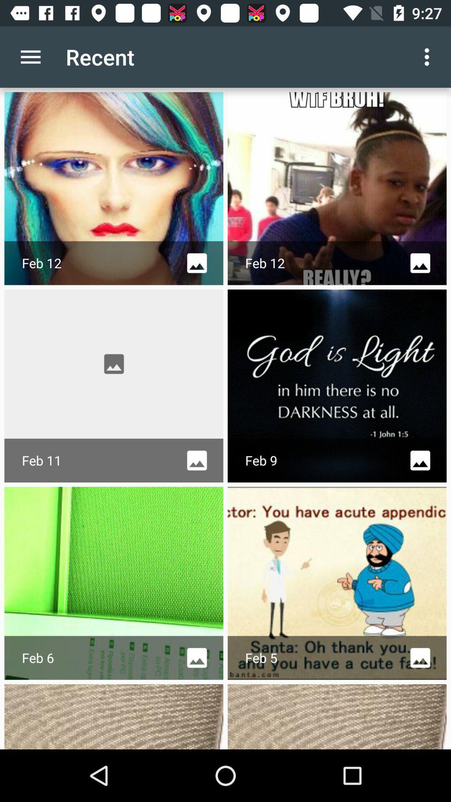 This screenshot has width=451, height=802. What do you see at coordinates (429, 56) in the screenshot?
I see `app next to recent item` at bounding box center [429, 56].